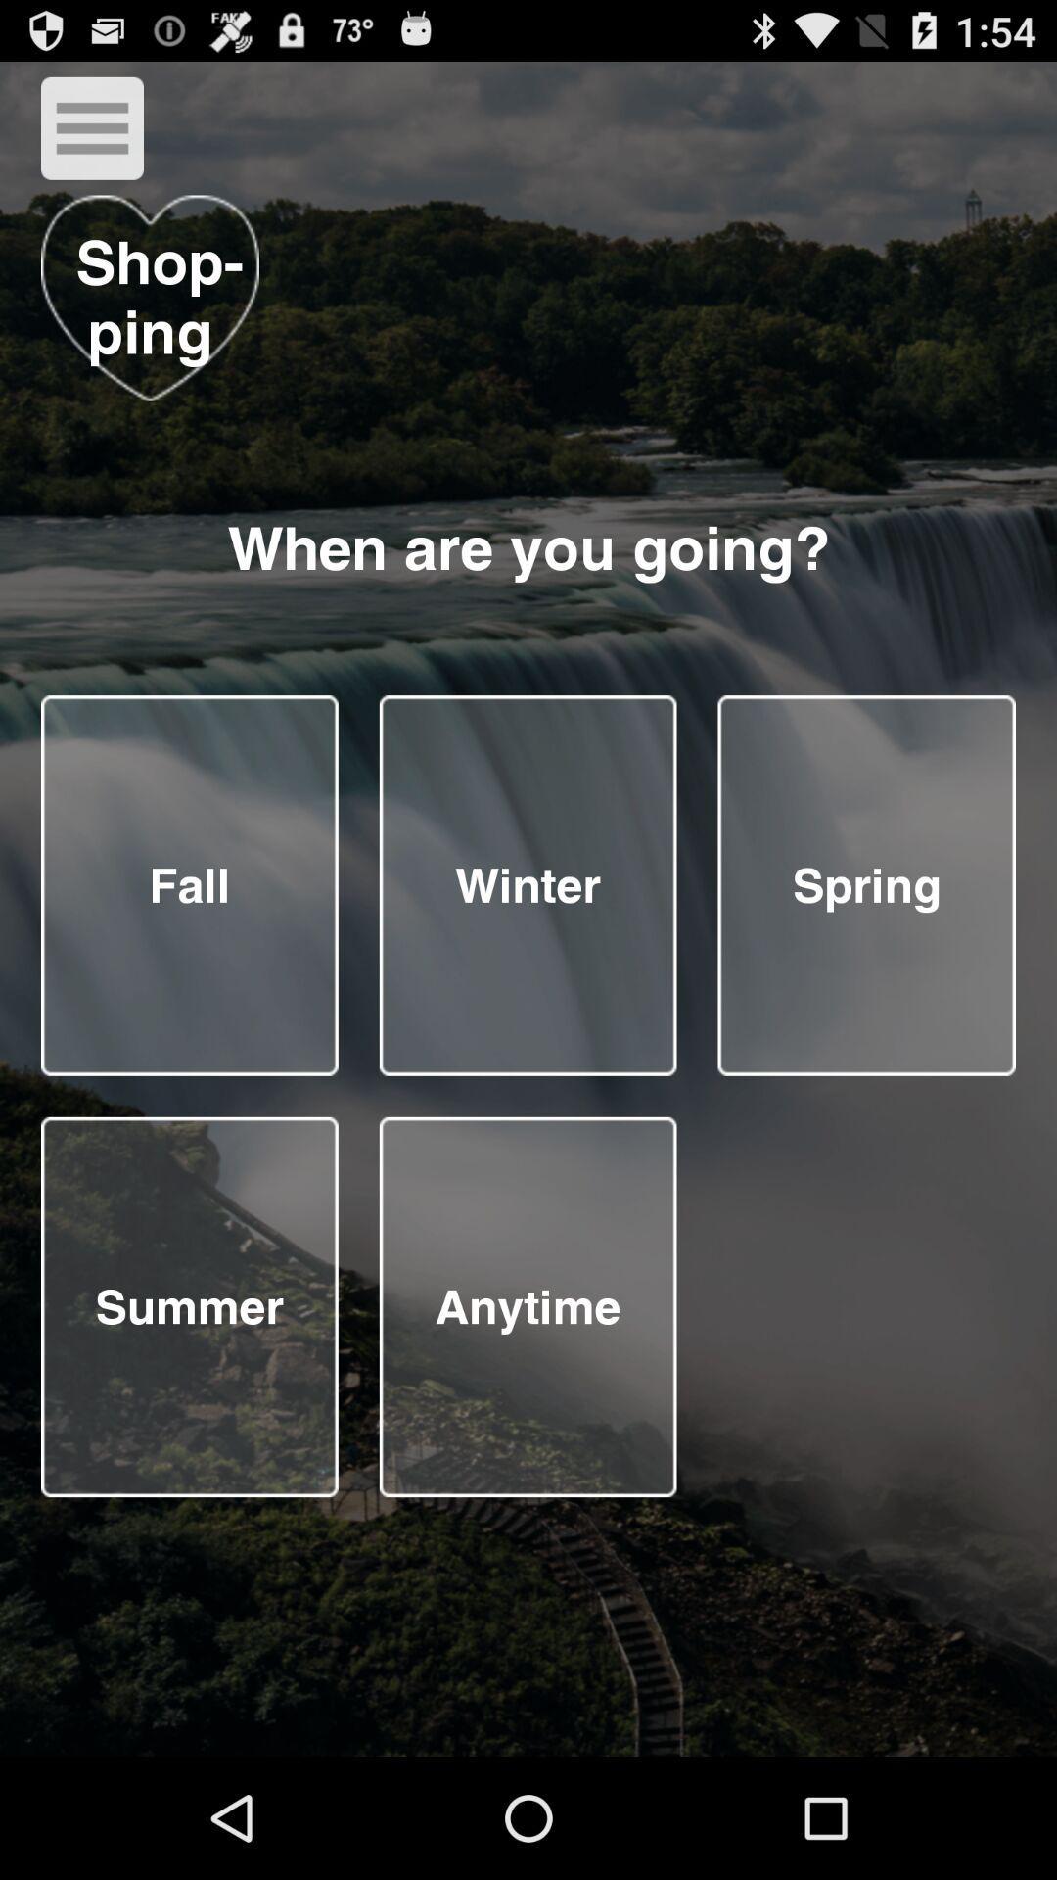 This screenshot has height=1880, width=1057. What do you see at coordinates (865, 884) in the screenshot?
I see `selecting answers` at bounding box center [865, 884].